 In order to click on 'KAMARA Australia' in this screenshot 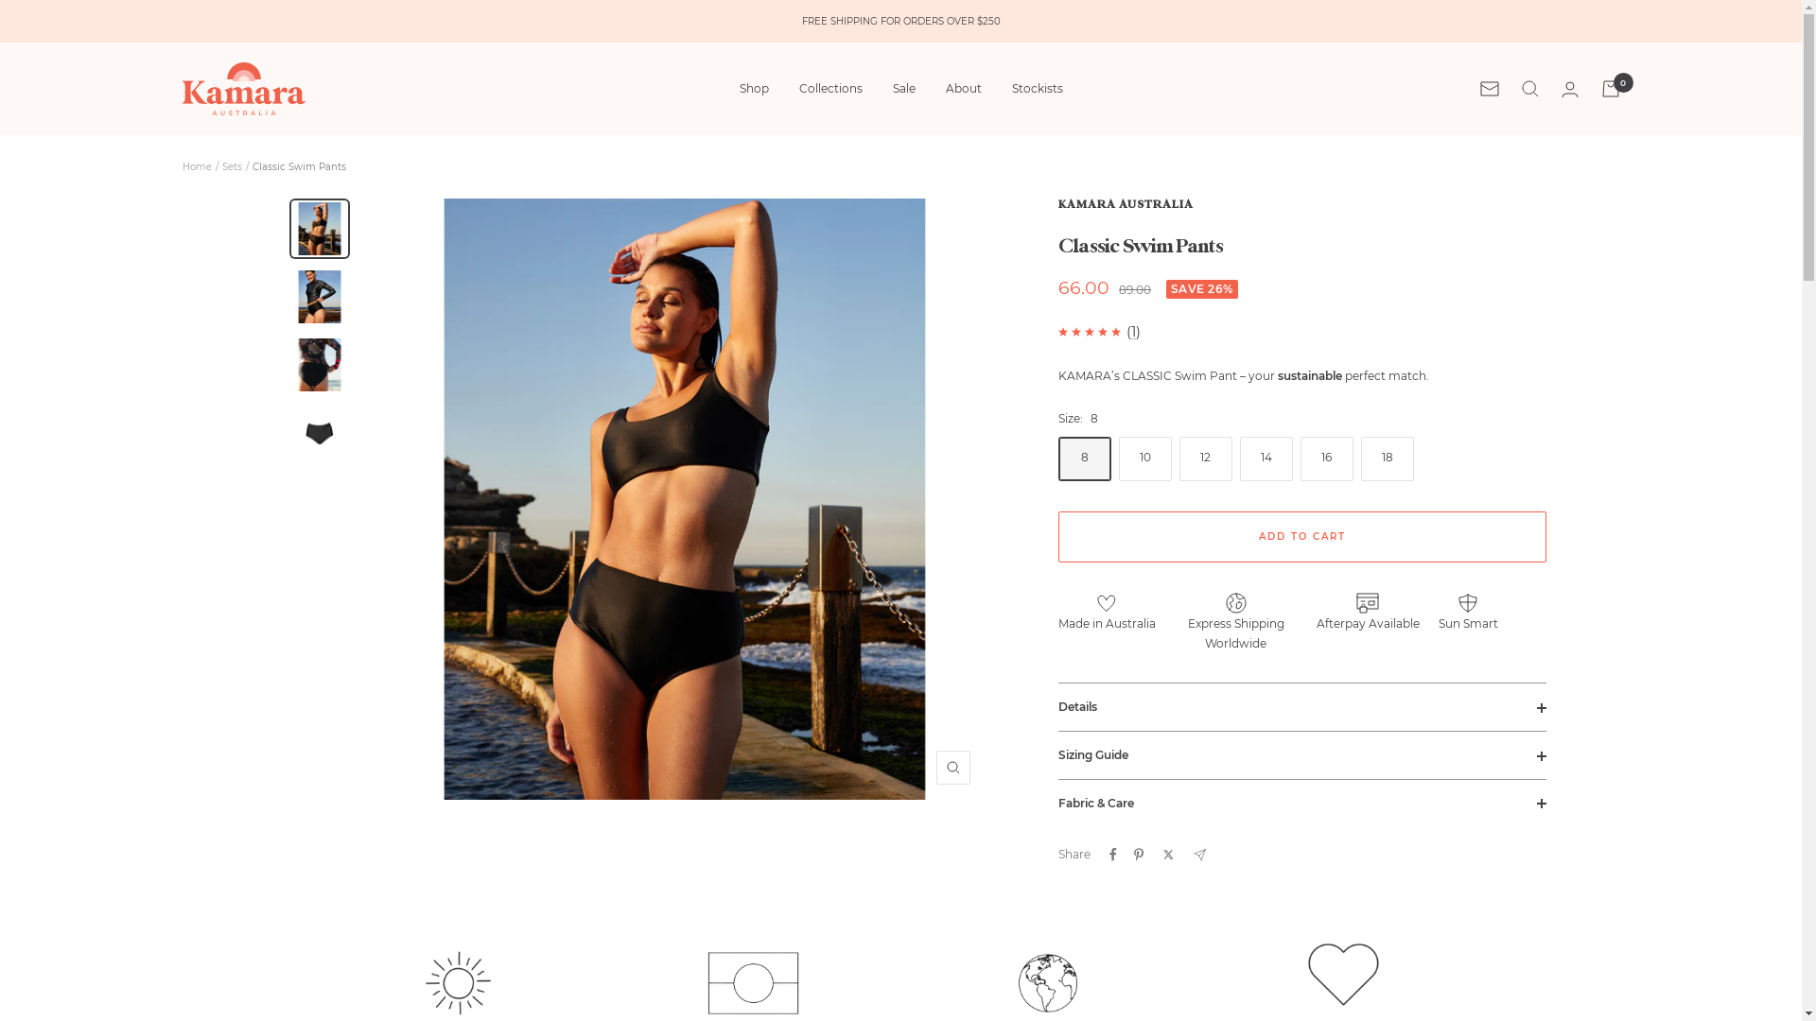, I will do `click(242, 88)`.